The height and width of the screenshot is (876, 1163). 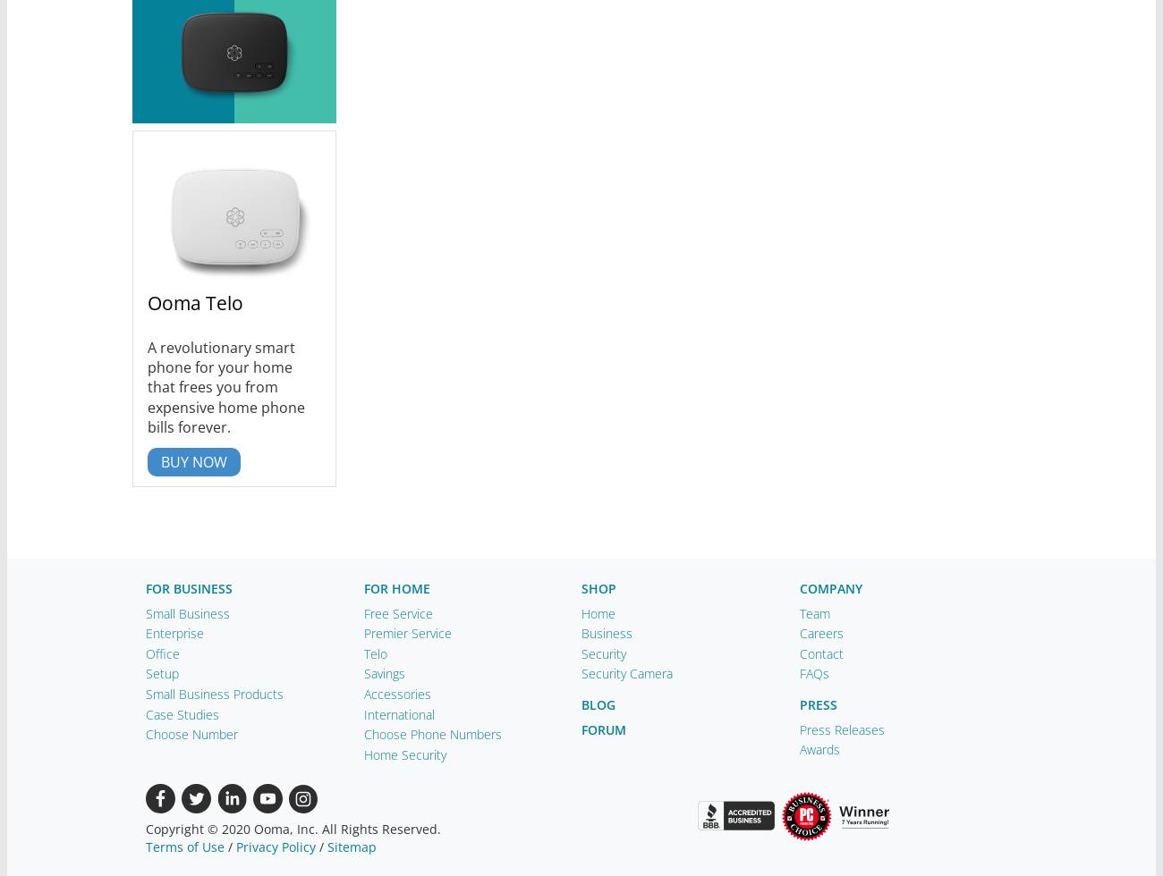 What do you see at coordinates (395, 588) in the screenshot?
I see `'For Home'` at bounding box center [395, 588].